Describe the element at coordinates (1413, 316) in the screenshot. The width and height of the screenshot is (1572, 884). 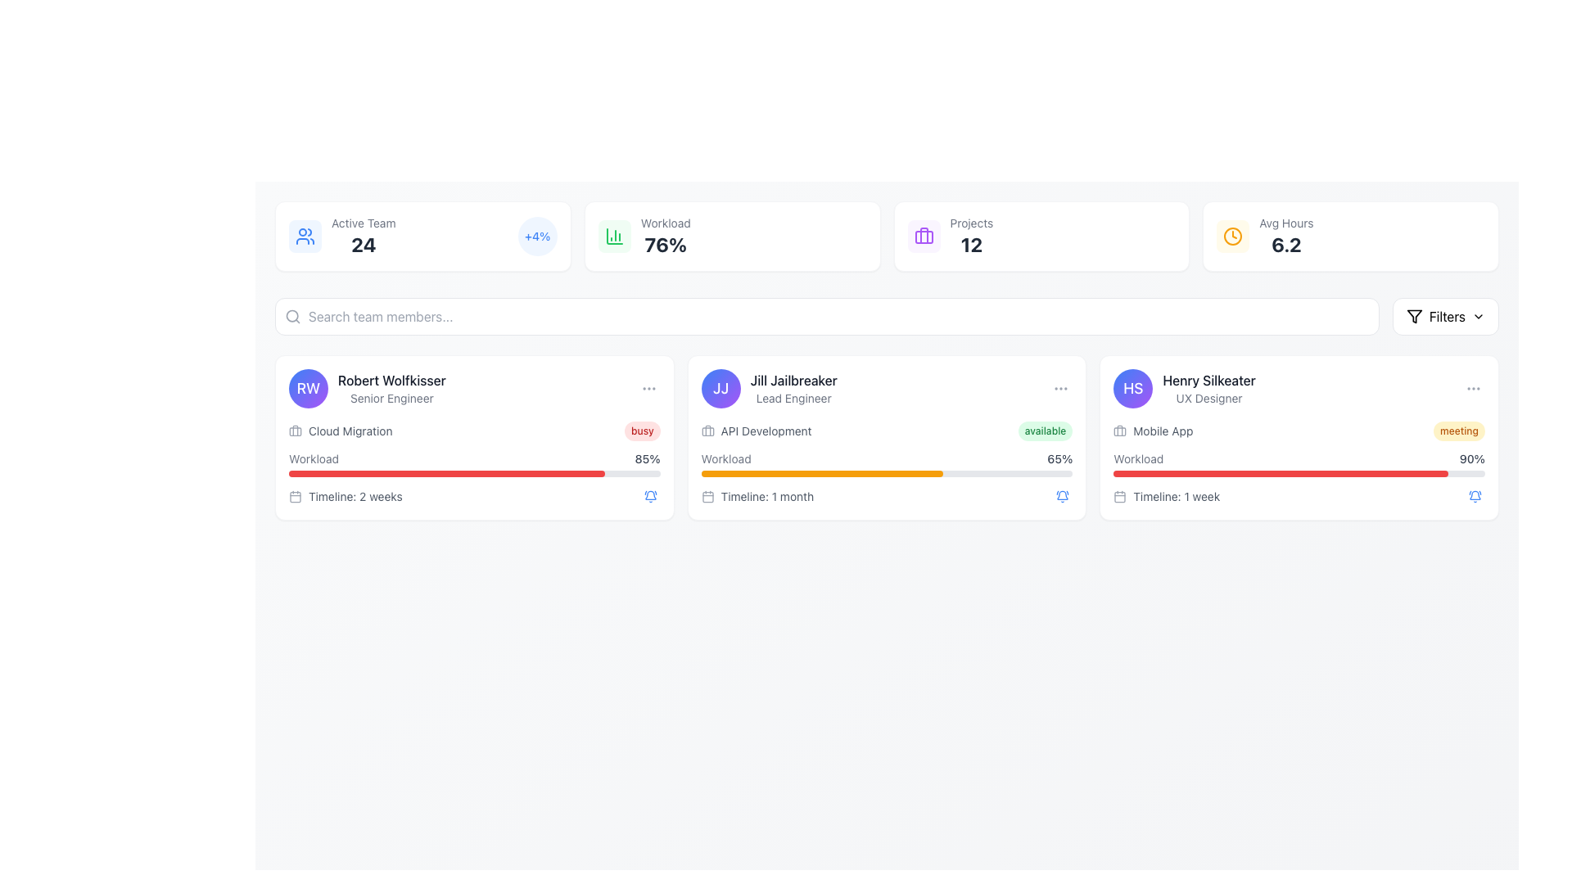
I see `the triangular-shaped funnel icon located in the top-right corner of the interface, adjacent to the red text label reading 'Filters'` at that location.